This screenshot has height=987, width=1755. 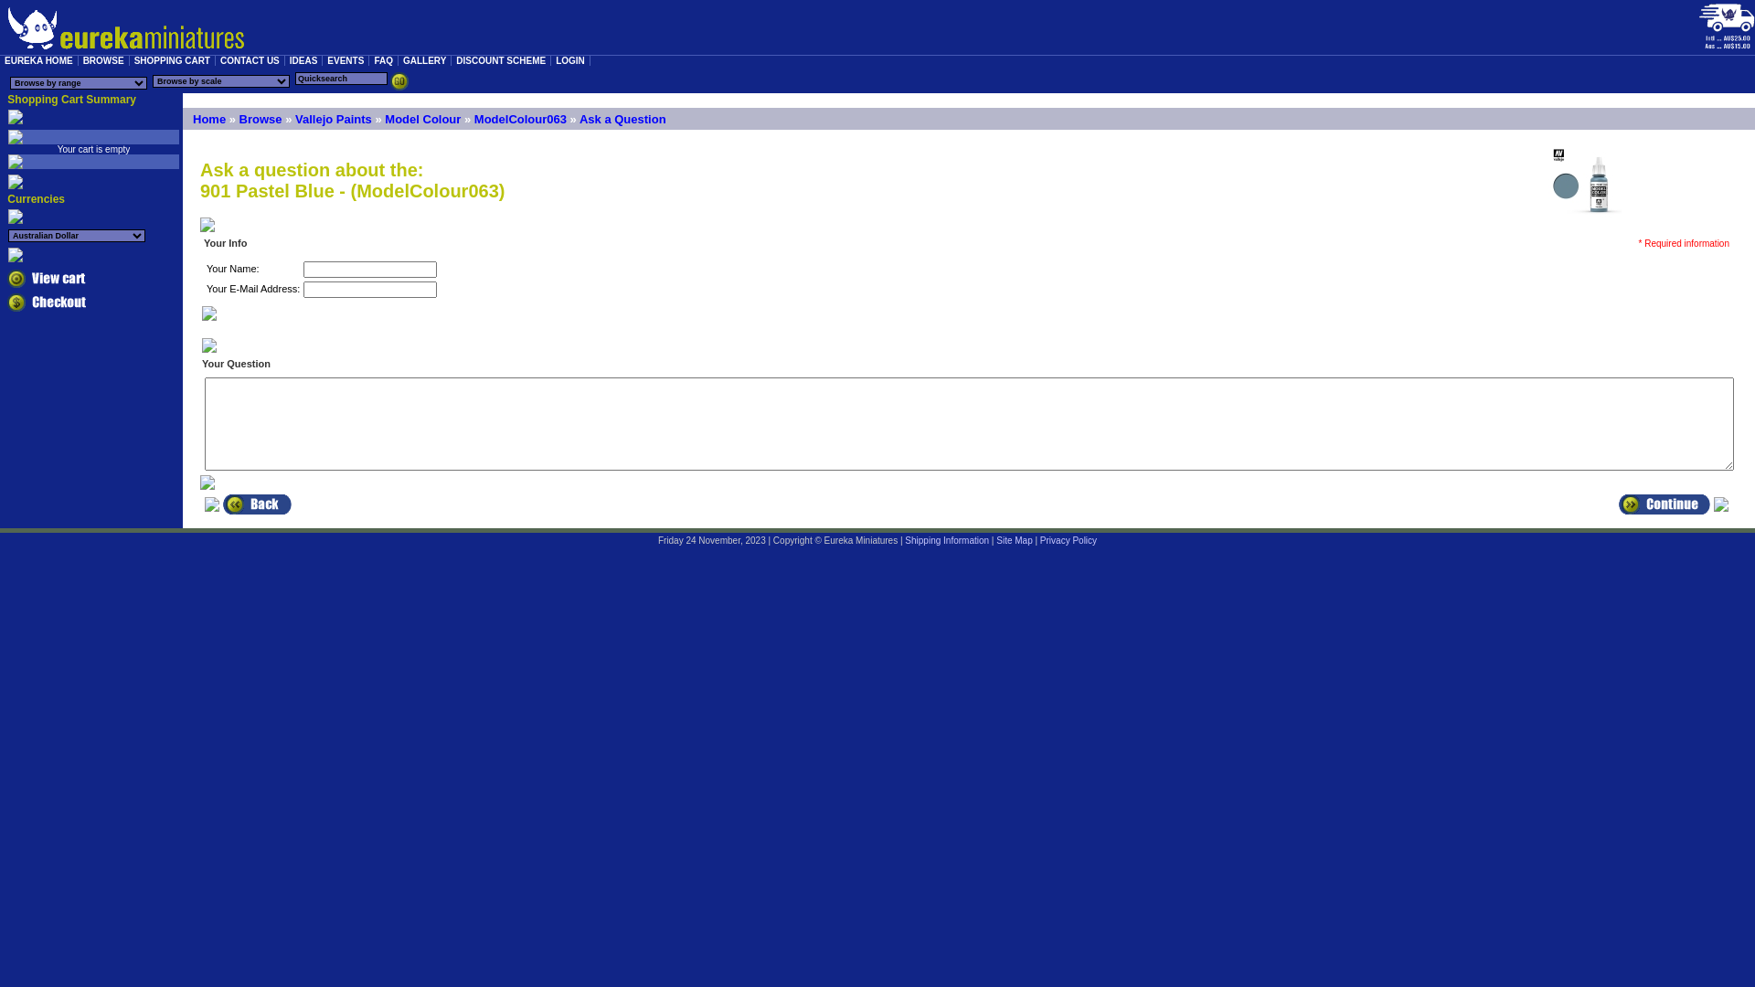 What do you see at coordinates (222, 504) in the screenshot?
I see `' Back '` at bounding box center [222, 504].